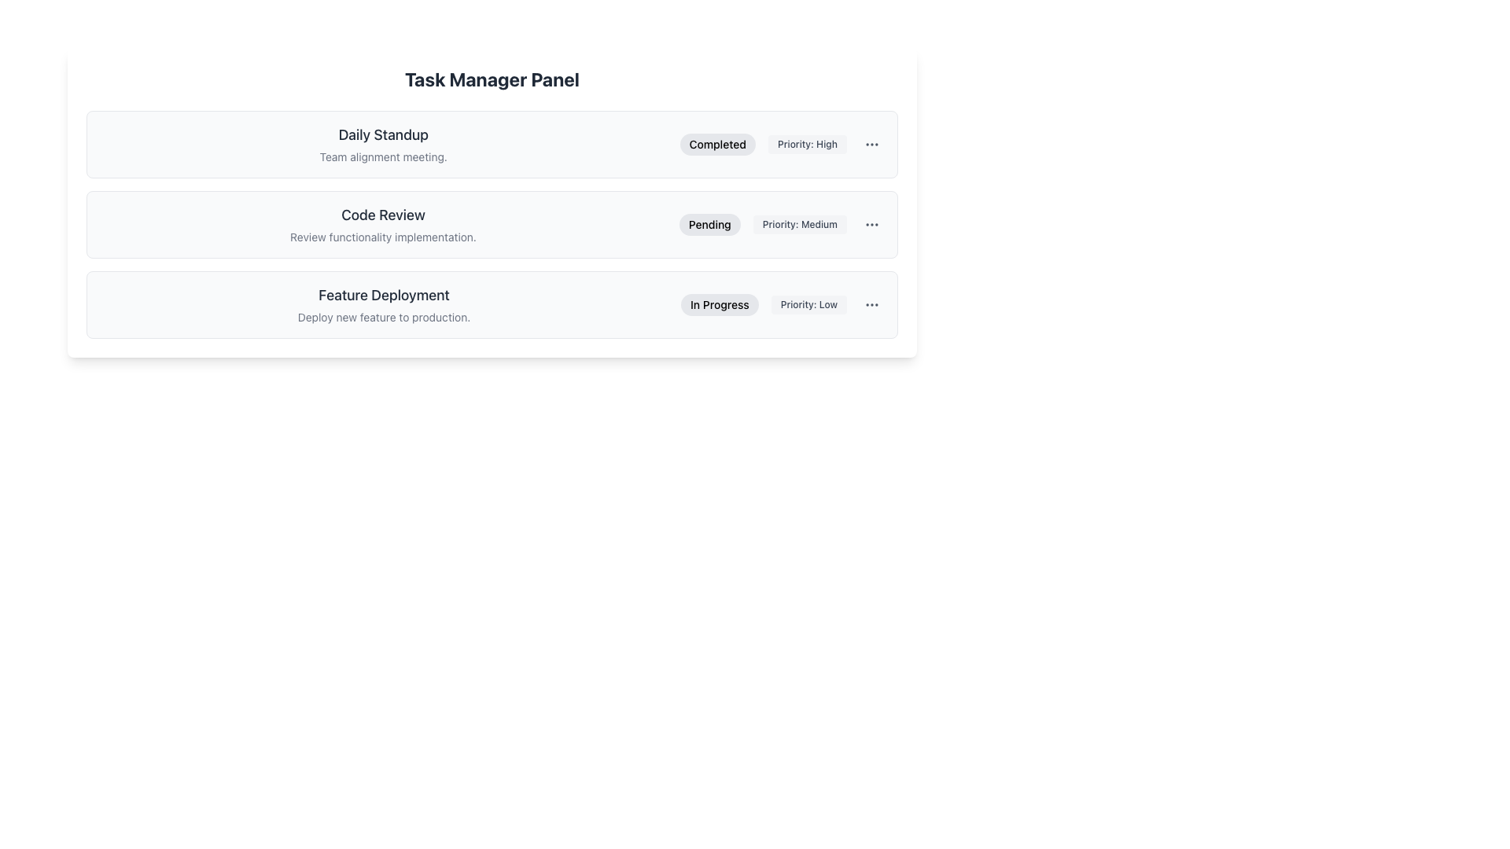  I want to click on the status information of the Status Indicator Label located in the 'Daily Standup' task block, positioned to the right of the task title and description, so click(716, 145).